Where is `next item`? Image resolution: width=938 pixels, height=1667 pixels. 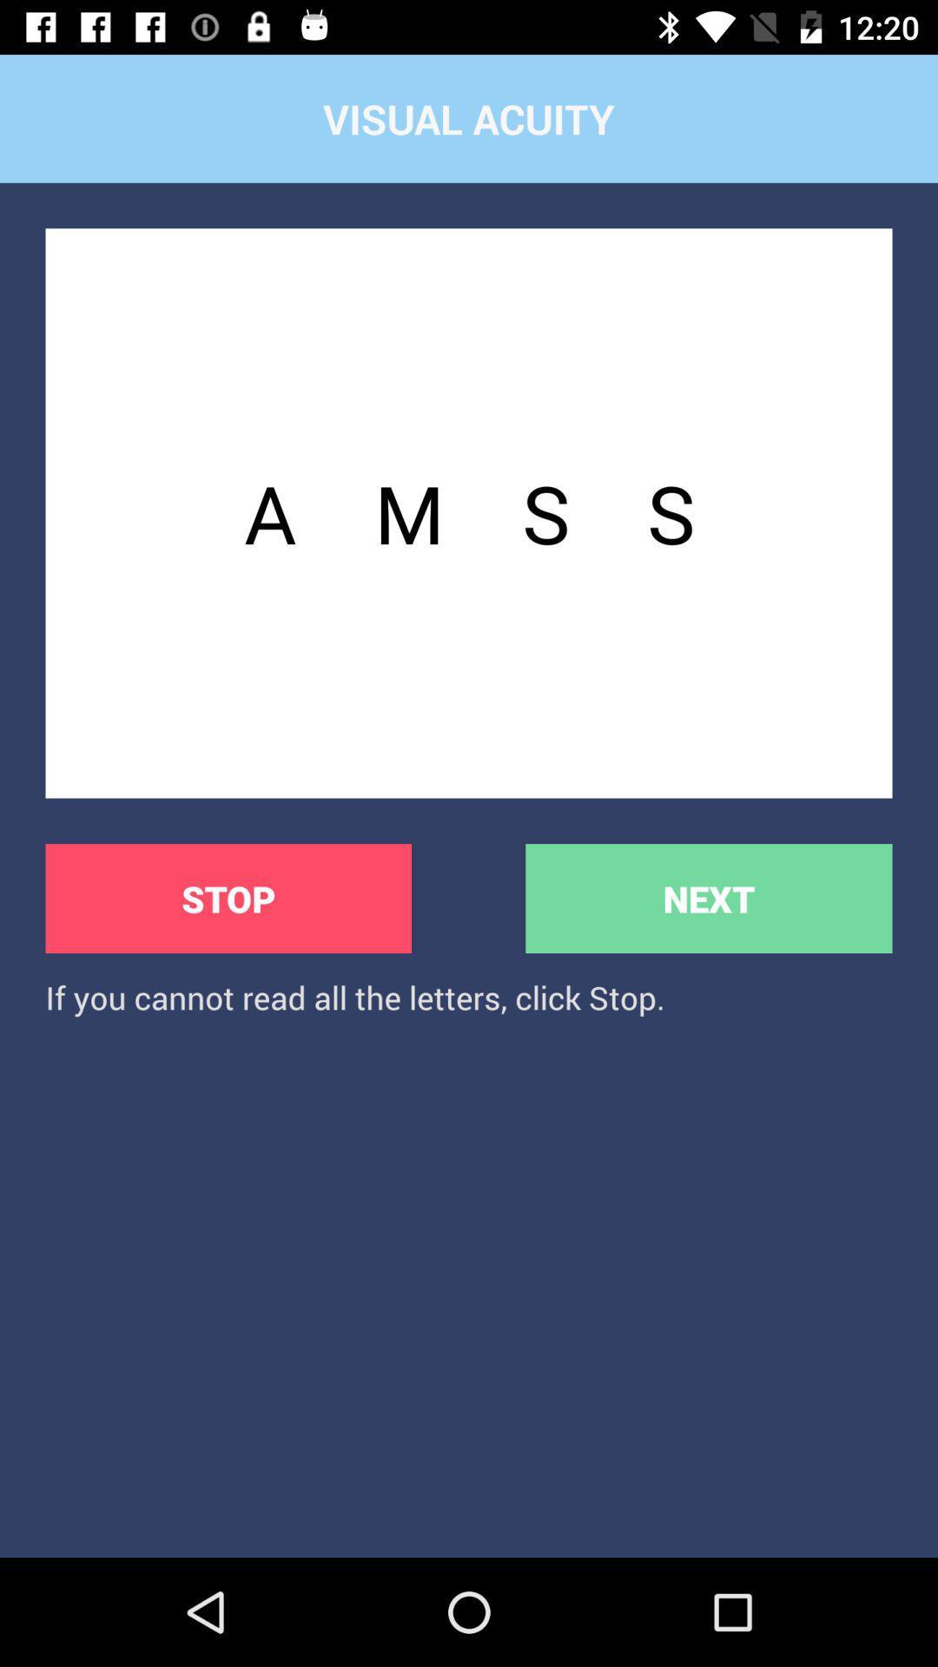 next item is located at coordinates (709, 899).